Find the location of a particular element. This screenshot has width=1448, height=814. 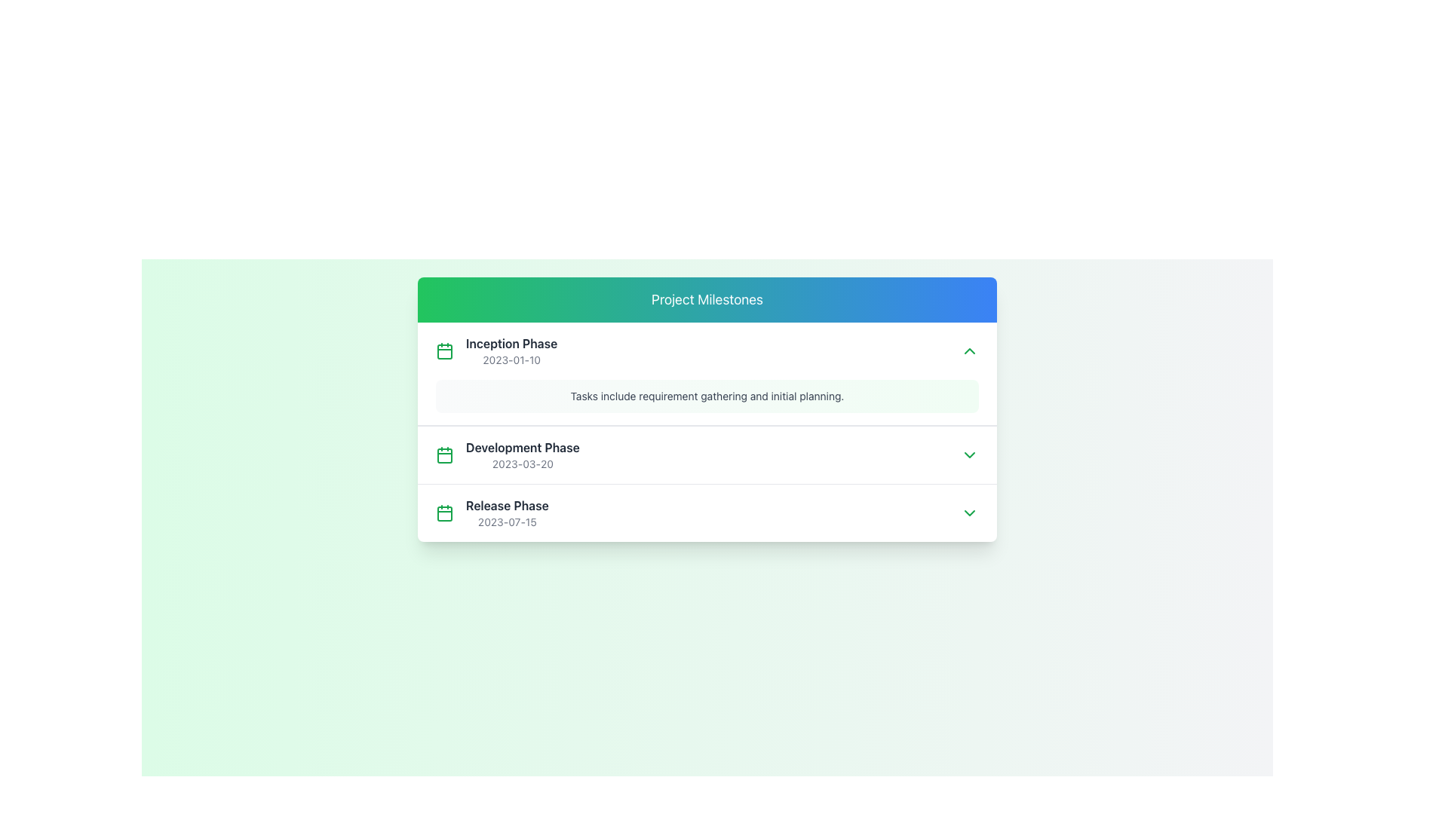

the List Item that displays a stylized calendar icon with the text 'Development Phase' and the date '2023-03-20' in the 'Project Milestones' section is located at coordinates (508, 454).